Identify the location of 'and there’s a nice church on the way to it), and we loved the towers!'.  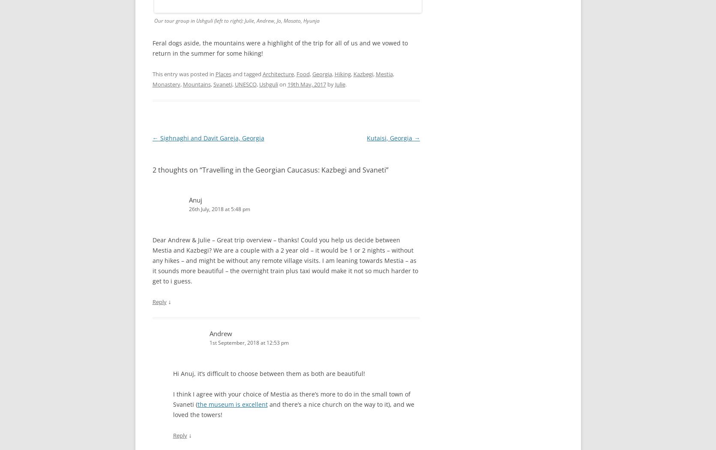
(293, 409).